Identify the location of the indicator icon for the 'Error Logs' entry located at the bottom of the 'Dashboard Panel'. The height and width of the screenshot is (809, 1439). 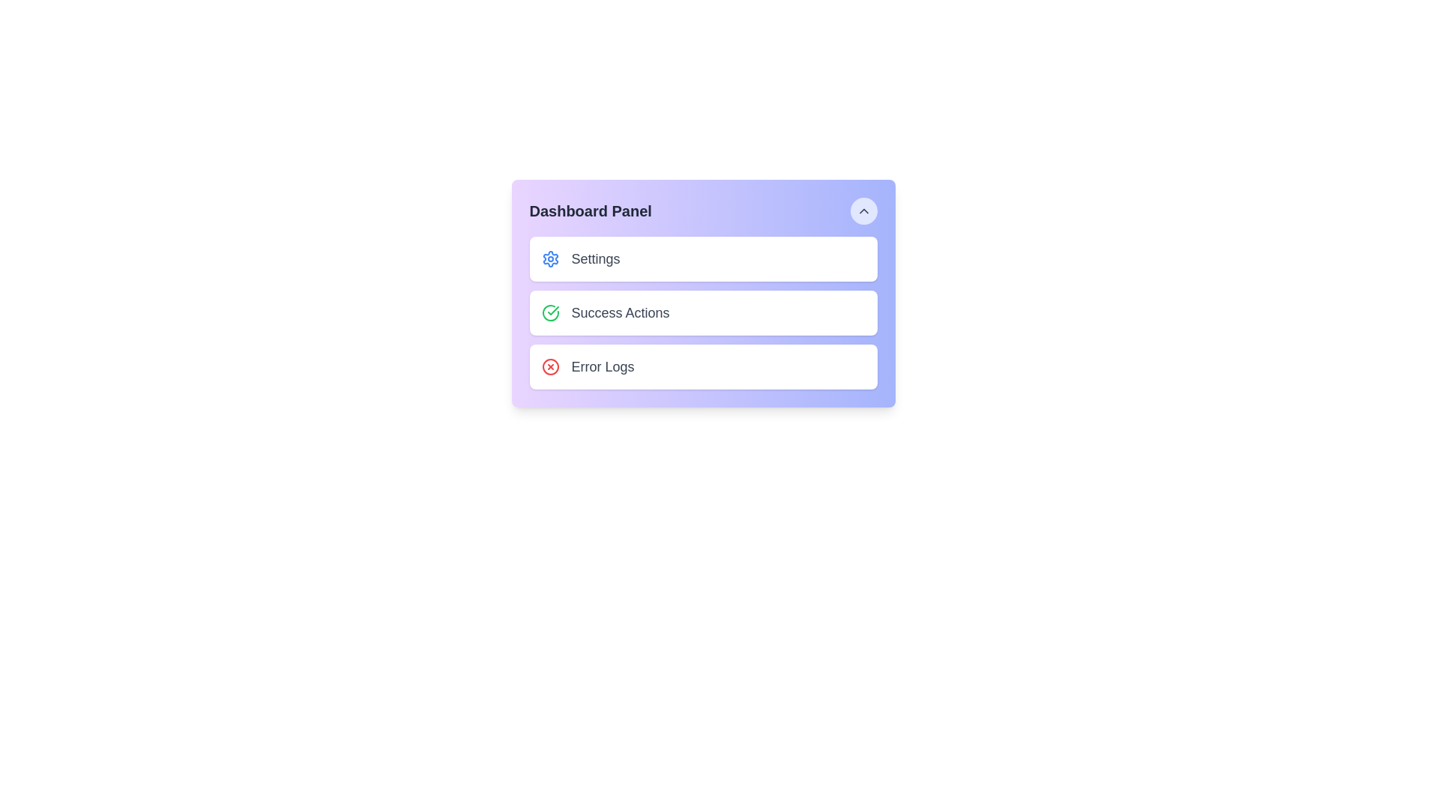
(549, 366).